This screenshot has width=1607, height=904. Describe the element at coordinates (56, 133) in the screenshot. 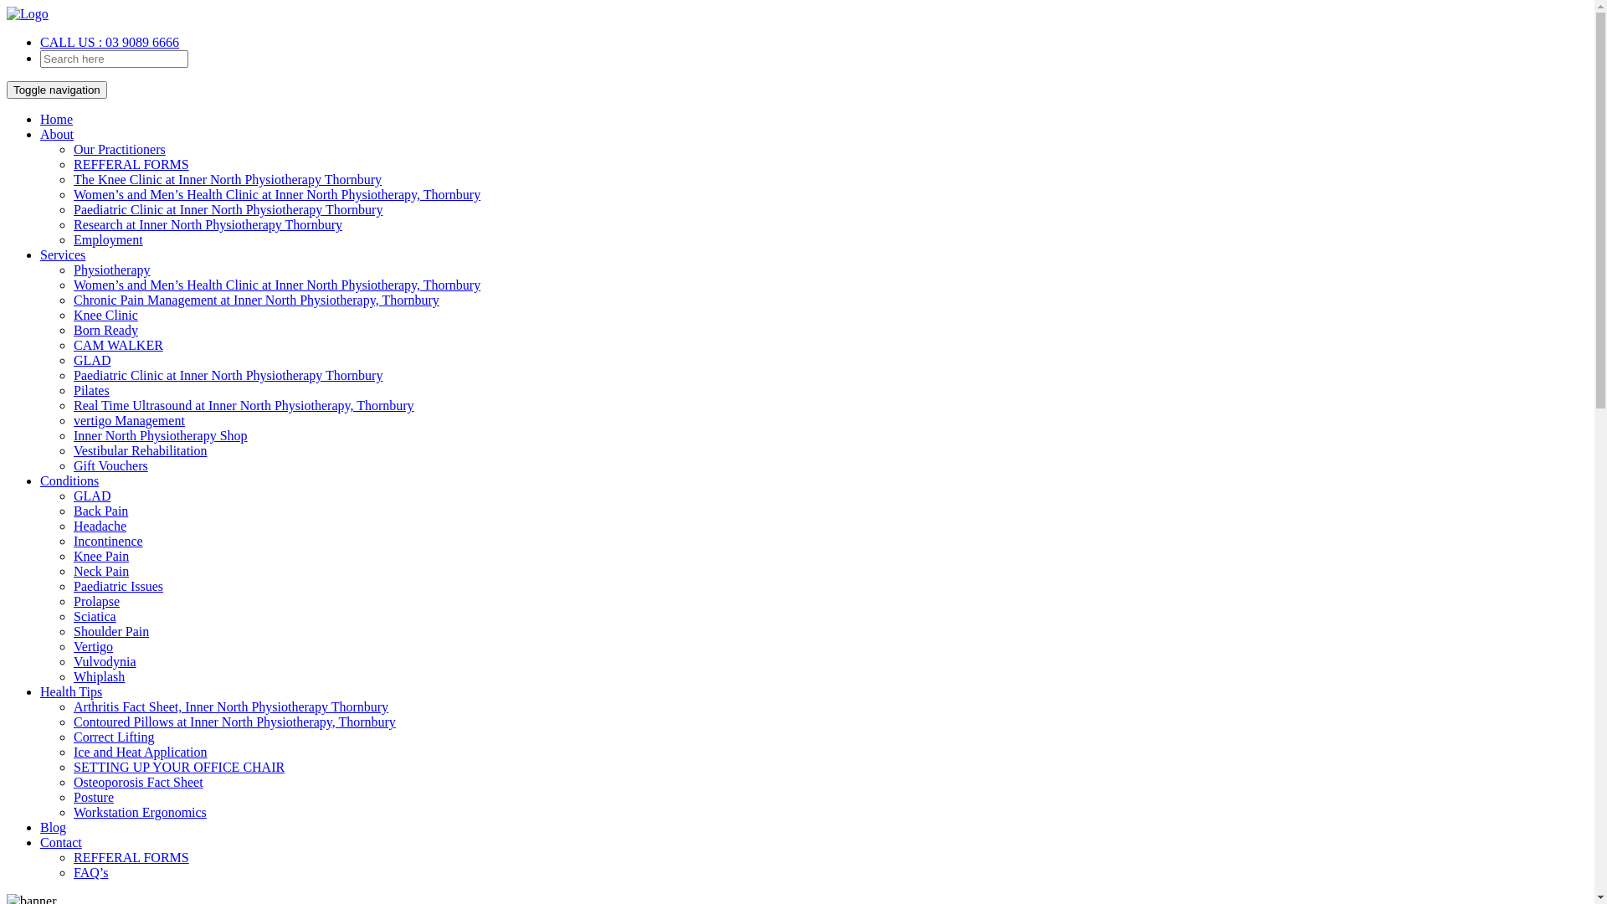

I see `'About'` at that location.